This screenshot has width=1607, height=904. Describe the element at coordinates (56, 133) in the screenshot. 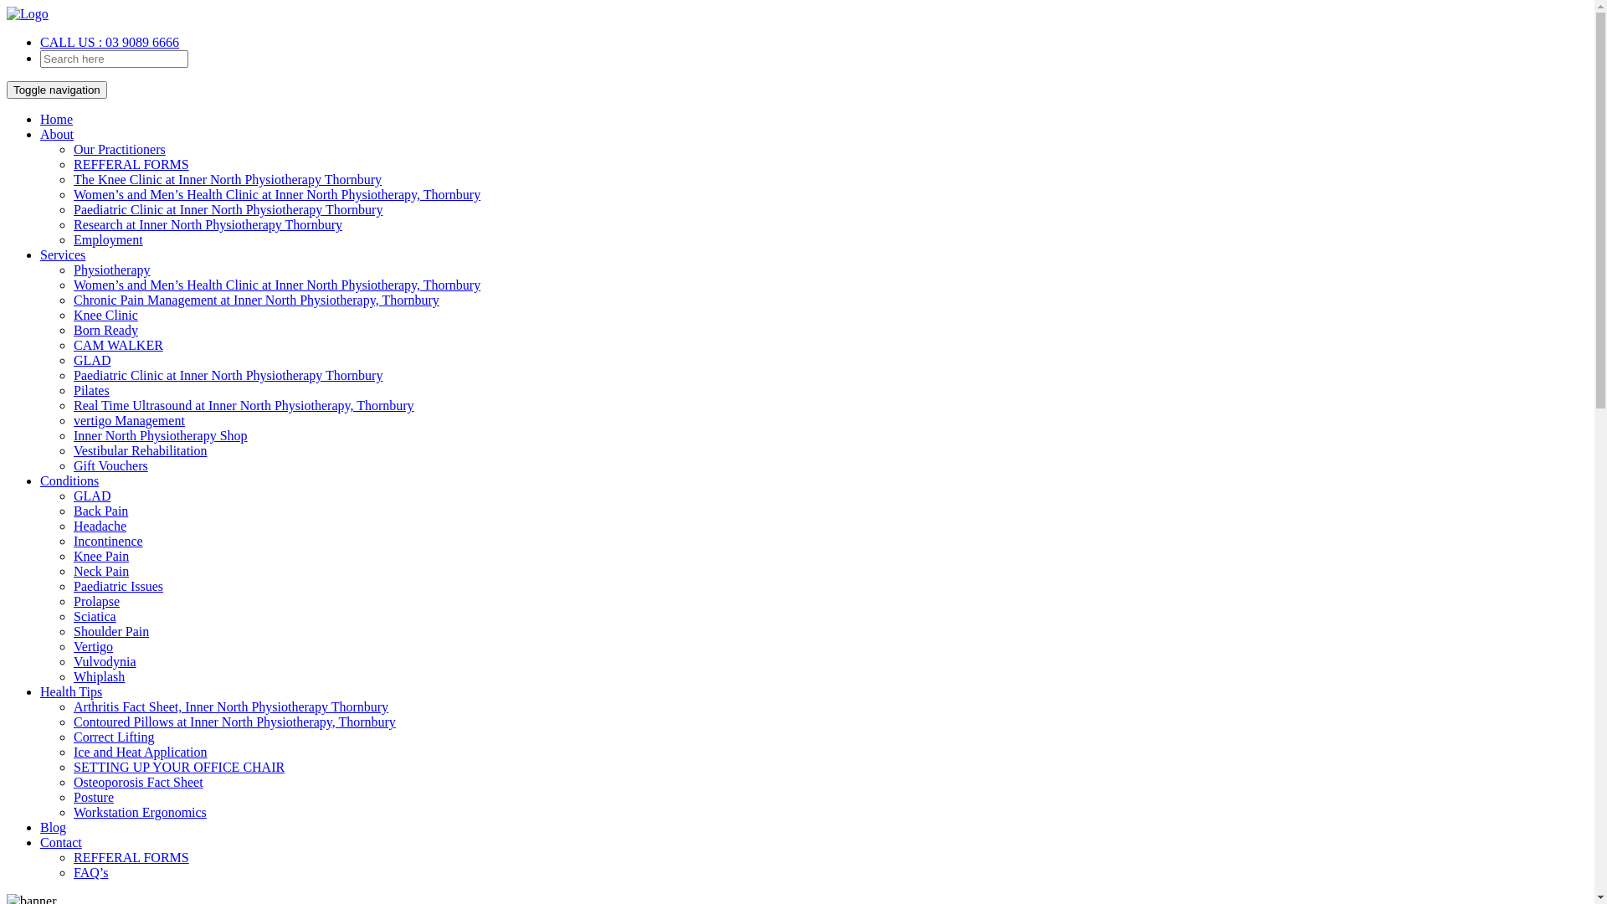

I see `'About'` at that location.